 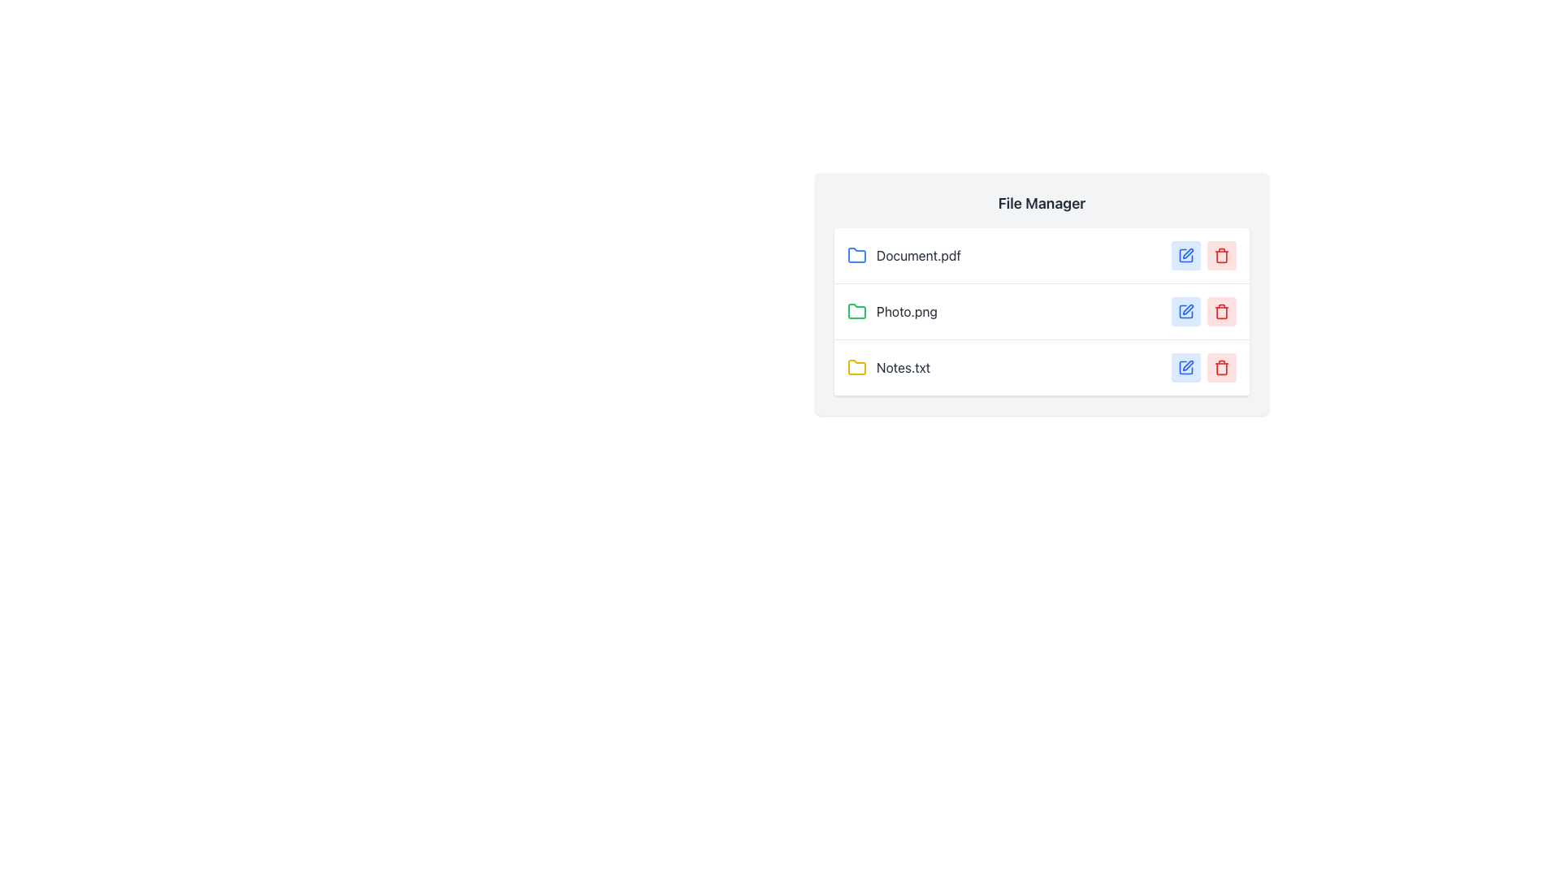 What do you see at coordinates (1221, 256) in the screenshot?
I see `the trash bin icon in the file manager interface` at bounding box center [1221, 256].